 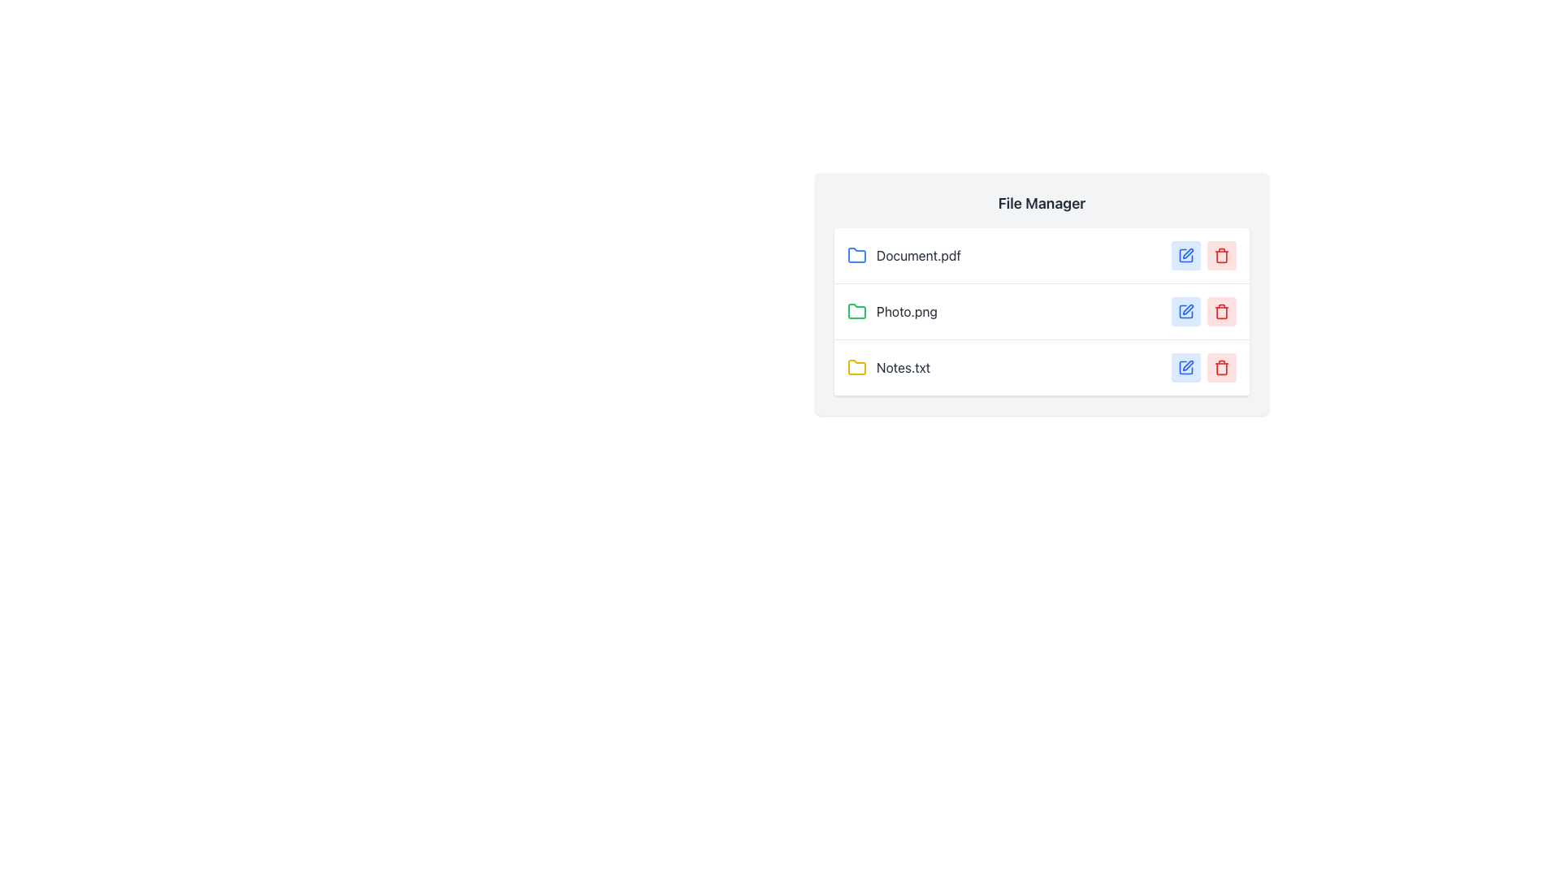 What do you see at coordinates (1221, 256) in the screenshot?
I see `the trash bin icon in the file manager interface` at bounding box center [1221, 256].